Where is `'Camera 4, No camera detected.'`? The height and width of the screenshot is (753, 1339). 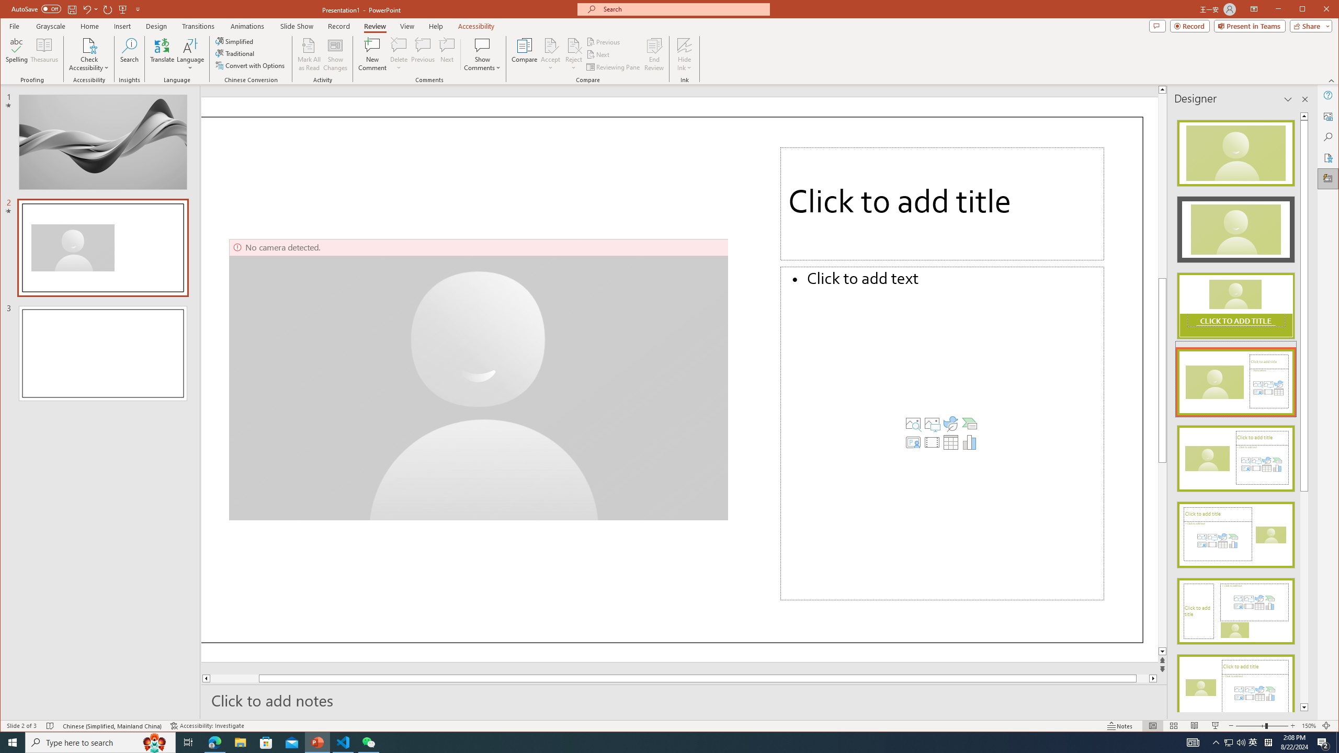 'Camera 4, No camera detected.' is located at coordinates (479, 379).